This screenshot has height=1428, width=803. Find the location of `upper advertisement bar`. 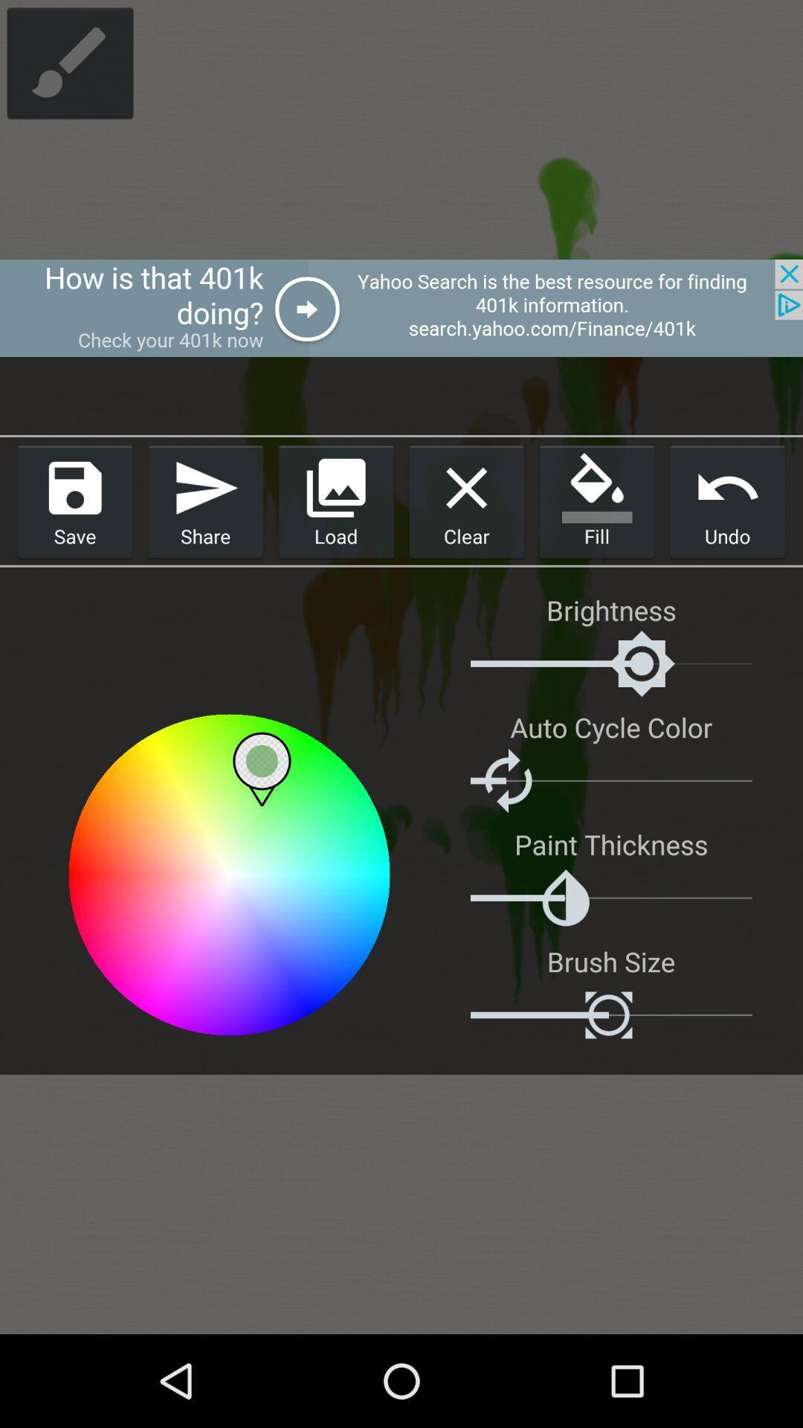

upper advertisement bar is located at coordinates (401, 307).